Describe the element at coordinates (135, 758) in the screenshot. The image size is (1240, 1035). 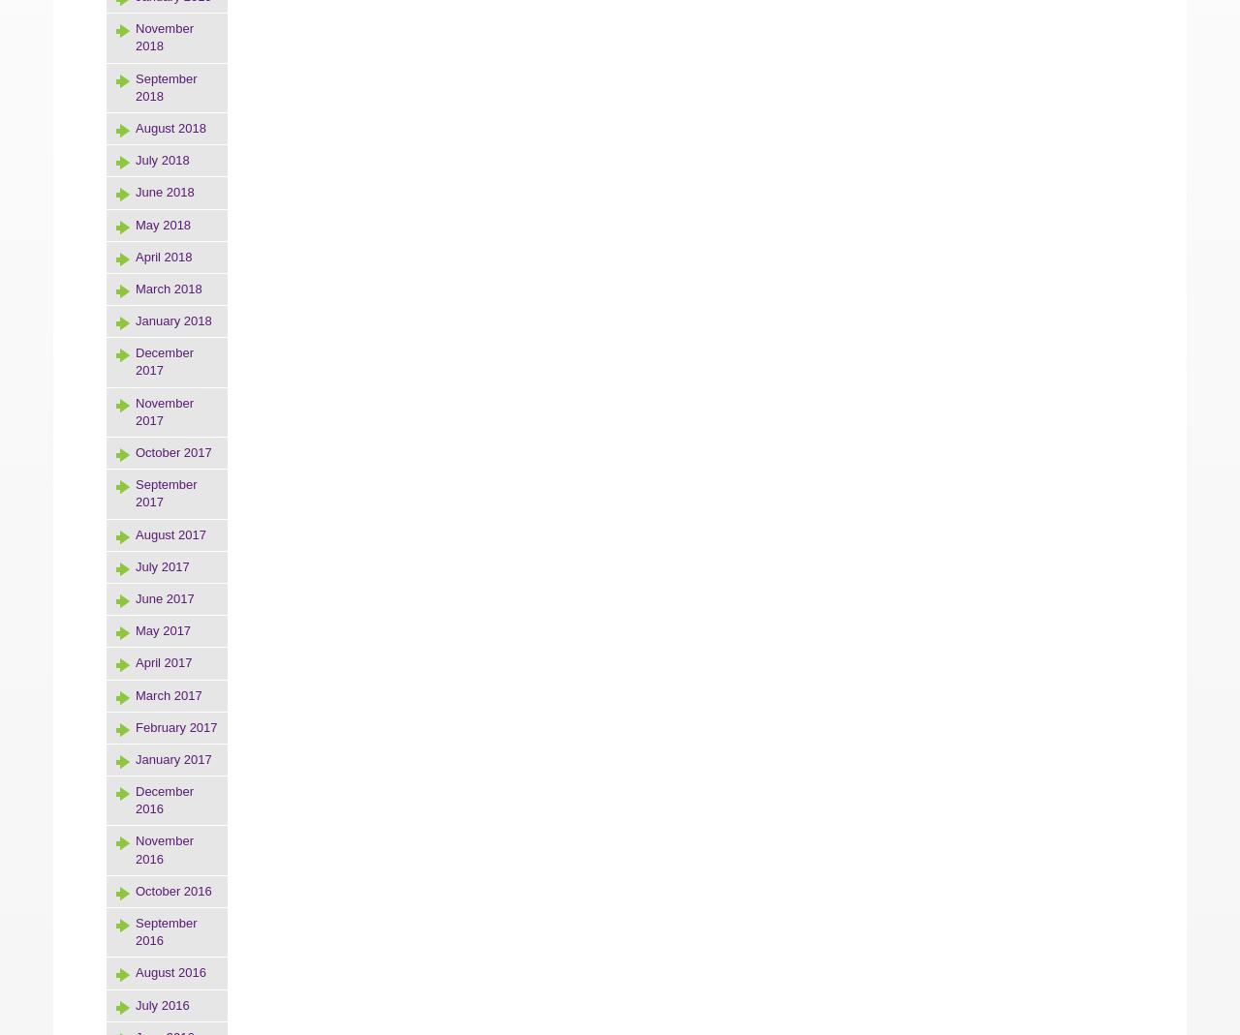
I see `'January 2017'` at that location.